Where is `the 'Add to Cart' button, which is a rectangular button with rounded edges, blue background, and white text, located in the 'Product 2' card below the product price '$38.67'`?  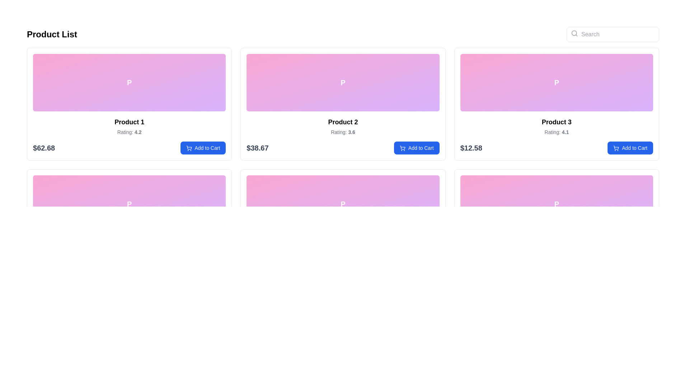 the 'Add to Cart' button, which is a rectangular button with rounded edges, blue background, and white text, located in the 'Product 2' card below the product price '$38.67' is located at coordinates (417, 148).